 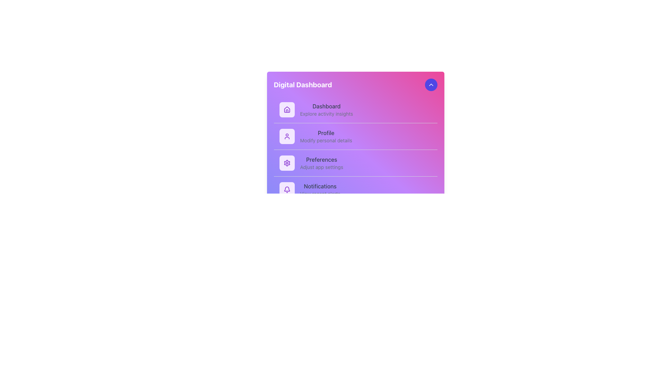 What do you see at coordinates (321, 160) in the screenshot?
I see `the 'Preferences' text label which is part of a vertical list of options with a violet background, located in the third position of the navigation menu` at bounding box center [321, 160].